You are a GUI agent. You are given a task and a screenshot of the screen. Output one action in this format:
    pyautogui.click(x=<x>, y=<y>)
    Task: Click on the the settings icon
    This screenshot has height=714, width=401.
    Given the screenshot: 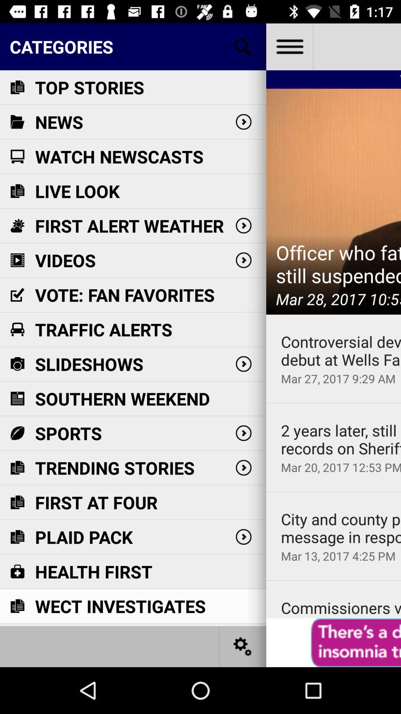 What is the action you would take?
    pyautogui.click(x=243, y=646)
    